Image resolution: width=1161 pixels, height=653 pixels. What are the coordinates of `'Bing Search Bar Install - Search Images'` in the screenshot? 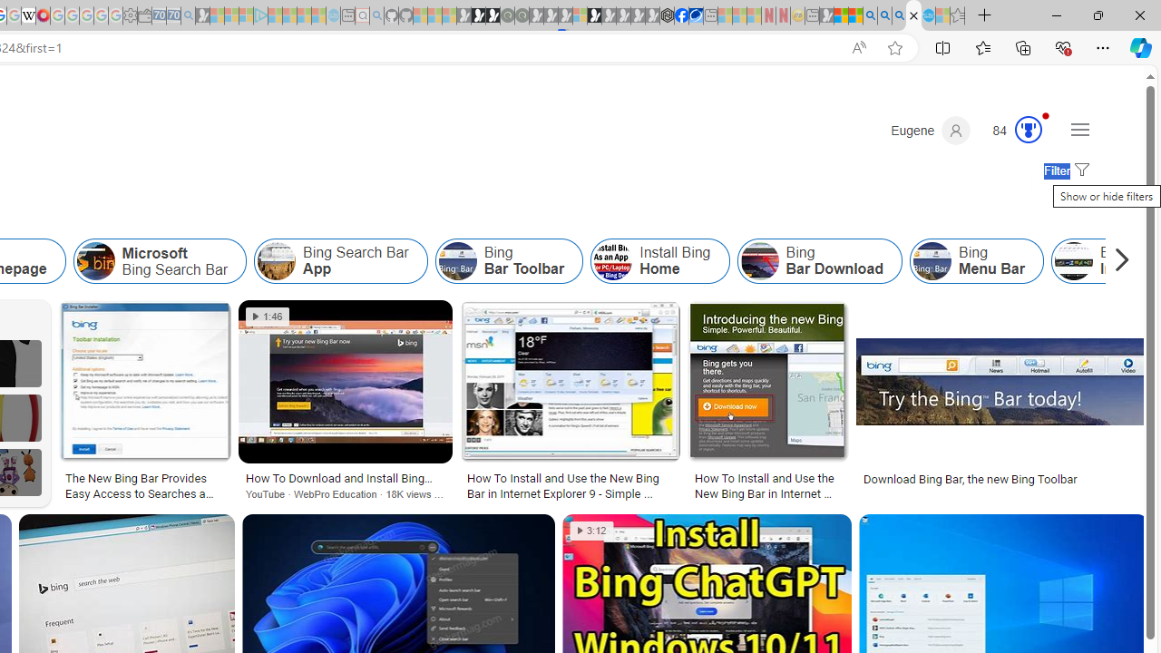 It's located at (913, 15).